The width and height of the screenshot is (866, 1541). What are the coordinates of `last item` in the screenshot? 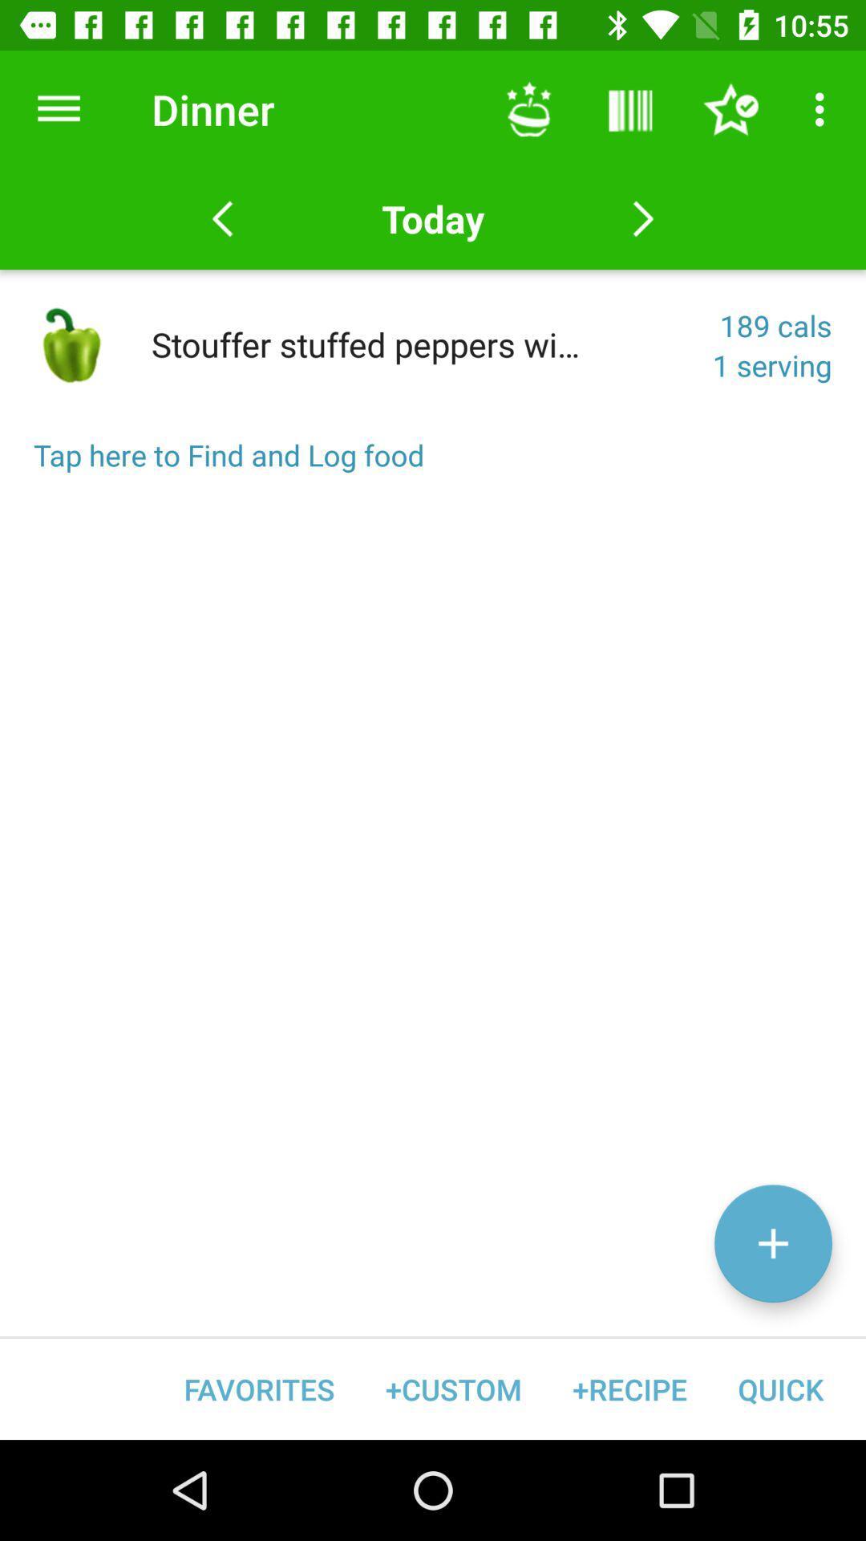 It's located at (222, 218).